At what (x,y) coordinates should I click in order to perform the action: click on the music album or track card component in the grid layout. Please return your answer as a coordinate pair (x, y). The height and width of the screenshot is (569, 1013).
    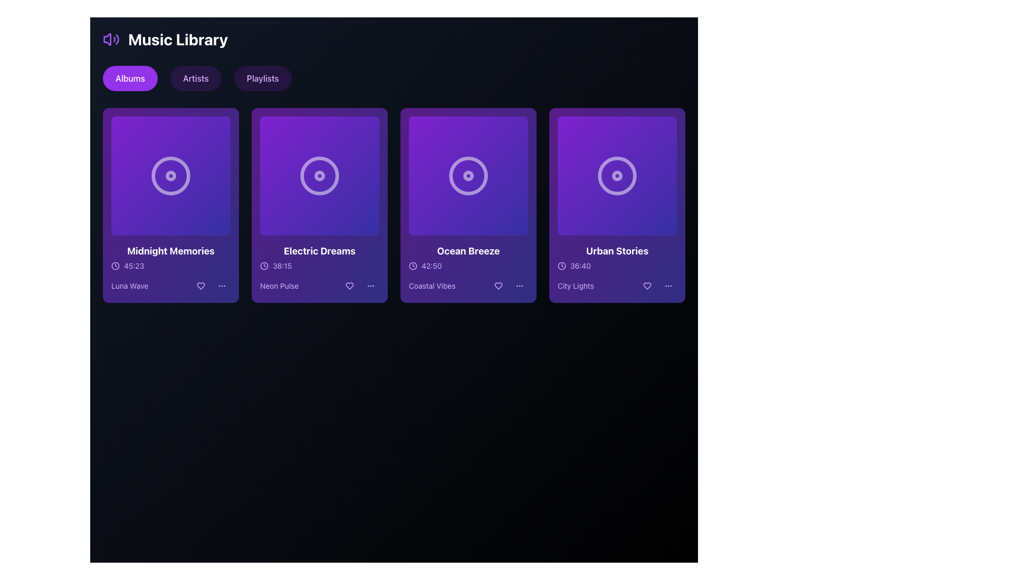
    Looking at the image, I should click on (319, 205).